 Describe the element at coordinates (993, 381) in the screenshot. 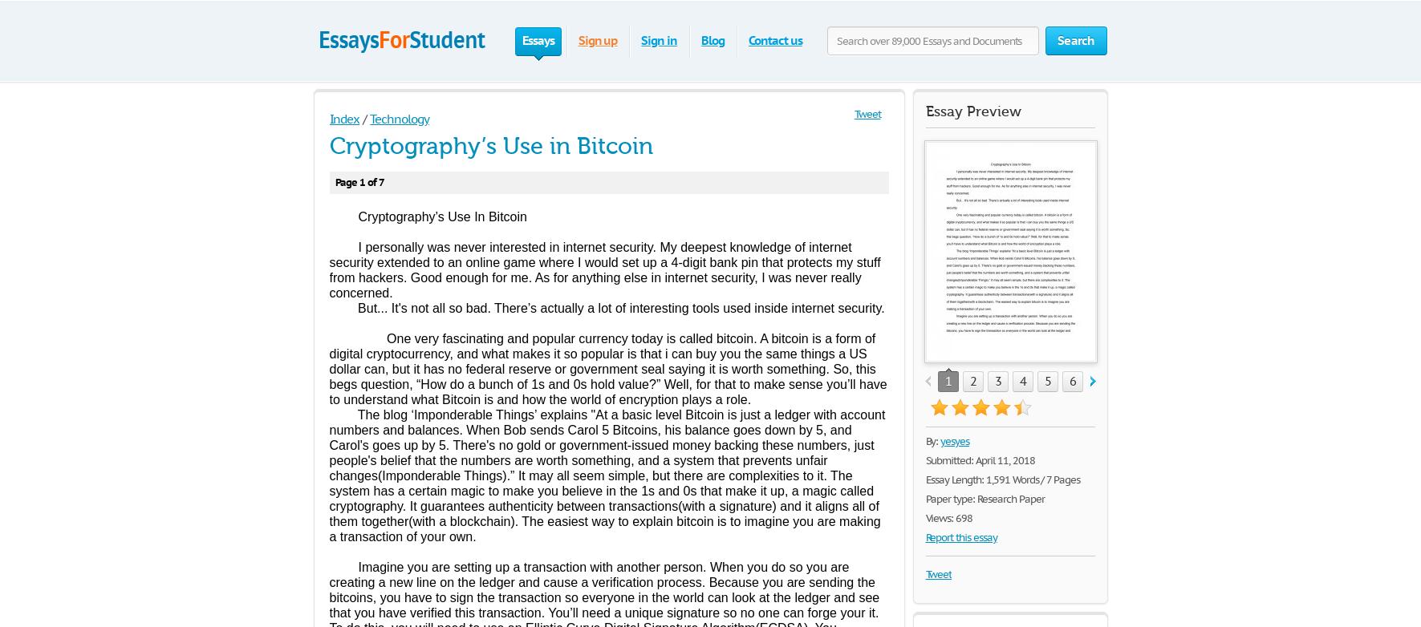

I see `'3'` at that location.